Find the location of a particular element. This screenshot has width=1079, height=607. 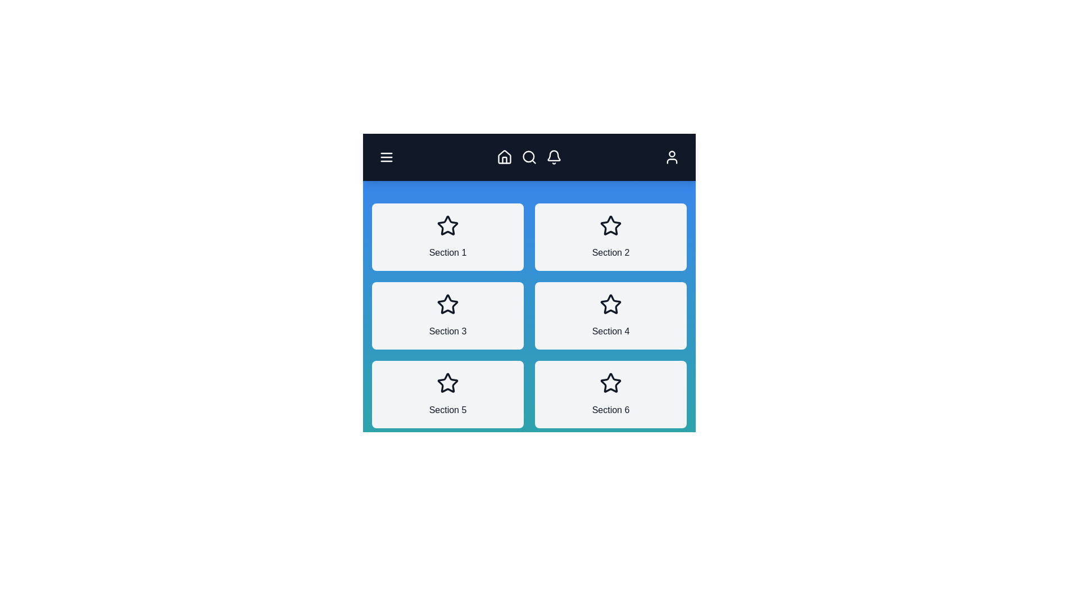

the section labeled Section 6 to view its details is located at coordinates (610, 394).